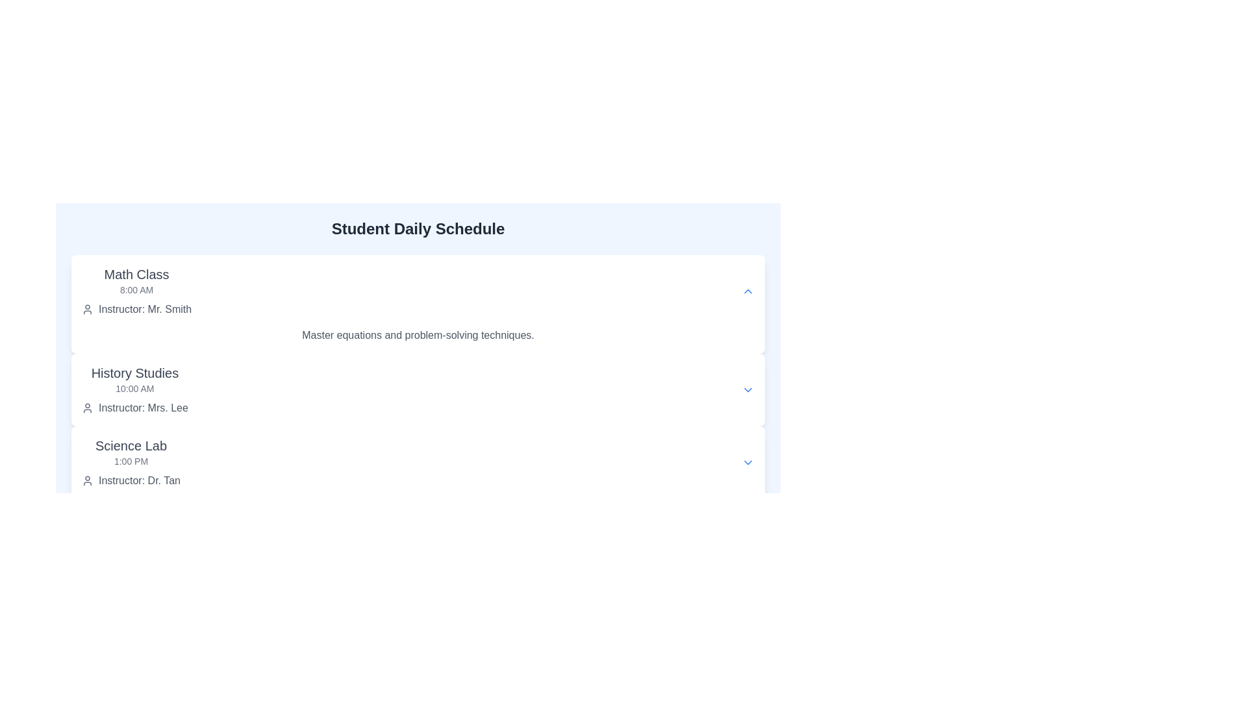 The width and height of the screenshot is (1247, 701). I want to click on the instructor icon located to the left of the text 'Instructor: Dr. Tan' in the 'Science Lab' section, so click(86, 480).